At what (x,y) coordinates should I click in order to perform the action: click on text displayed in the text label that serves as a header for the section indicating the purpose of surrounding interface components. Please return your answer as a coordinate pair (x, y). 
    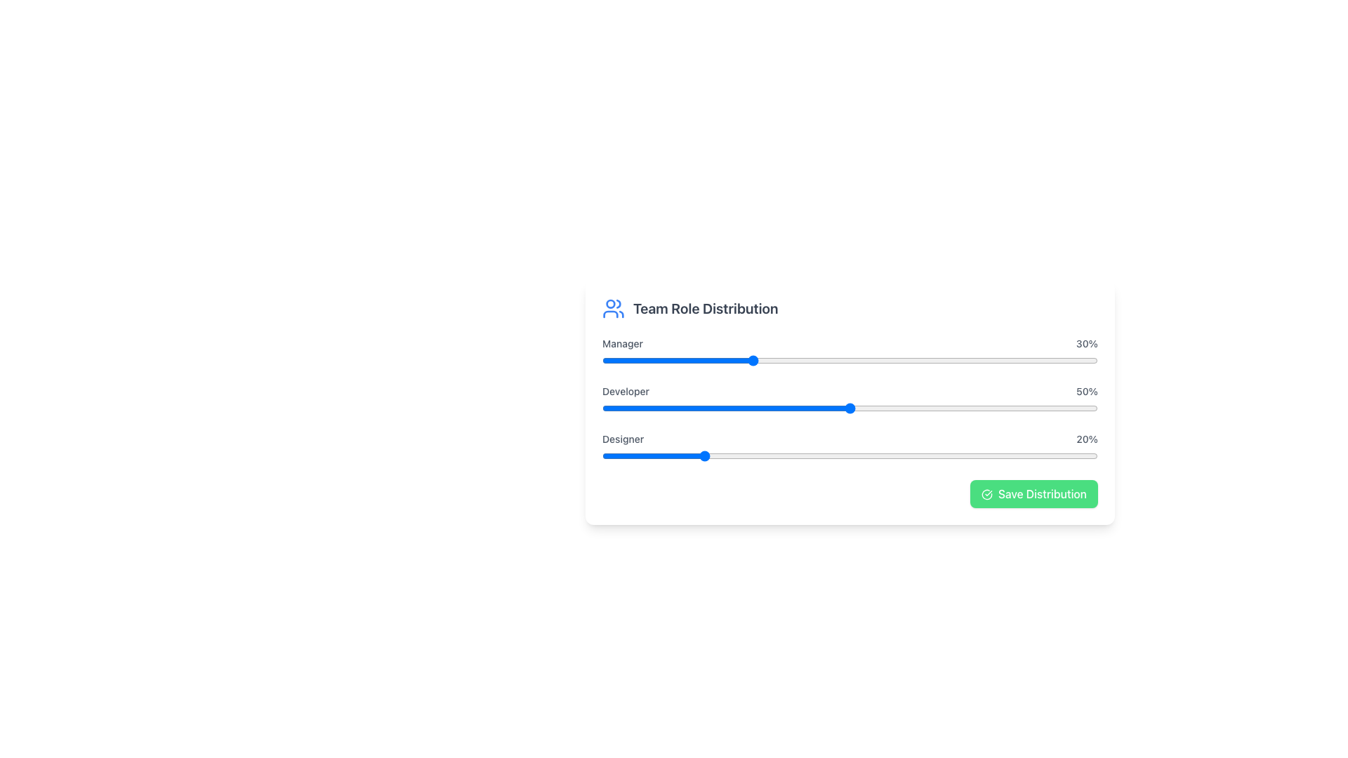
    Looking at the image, I should click on (706, 307).